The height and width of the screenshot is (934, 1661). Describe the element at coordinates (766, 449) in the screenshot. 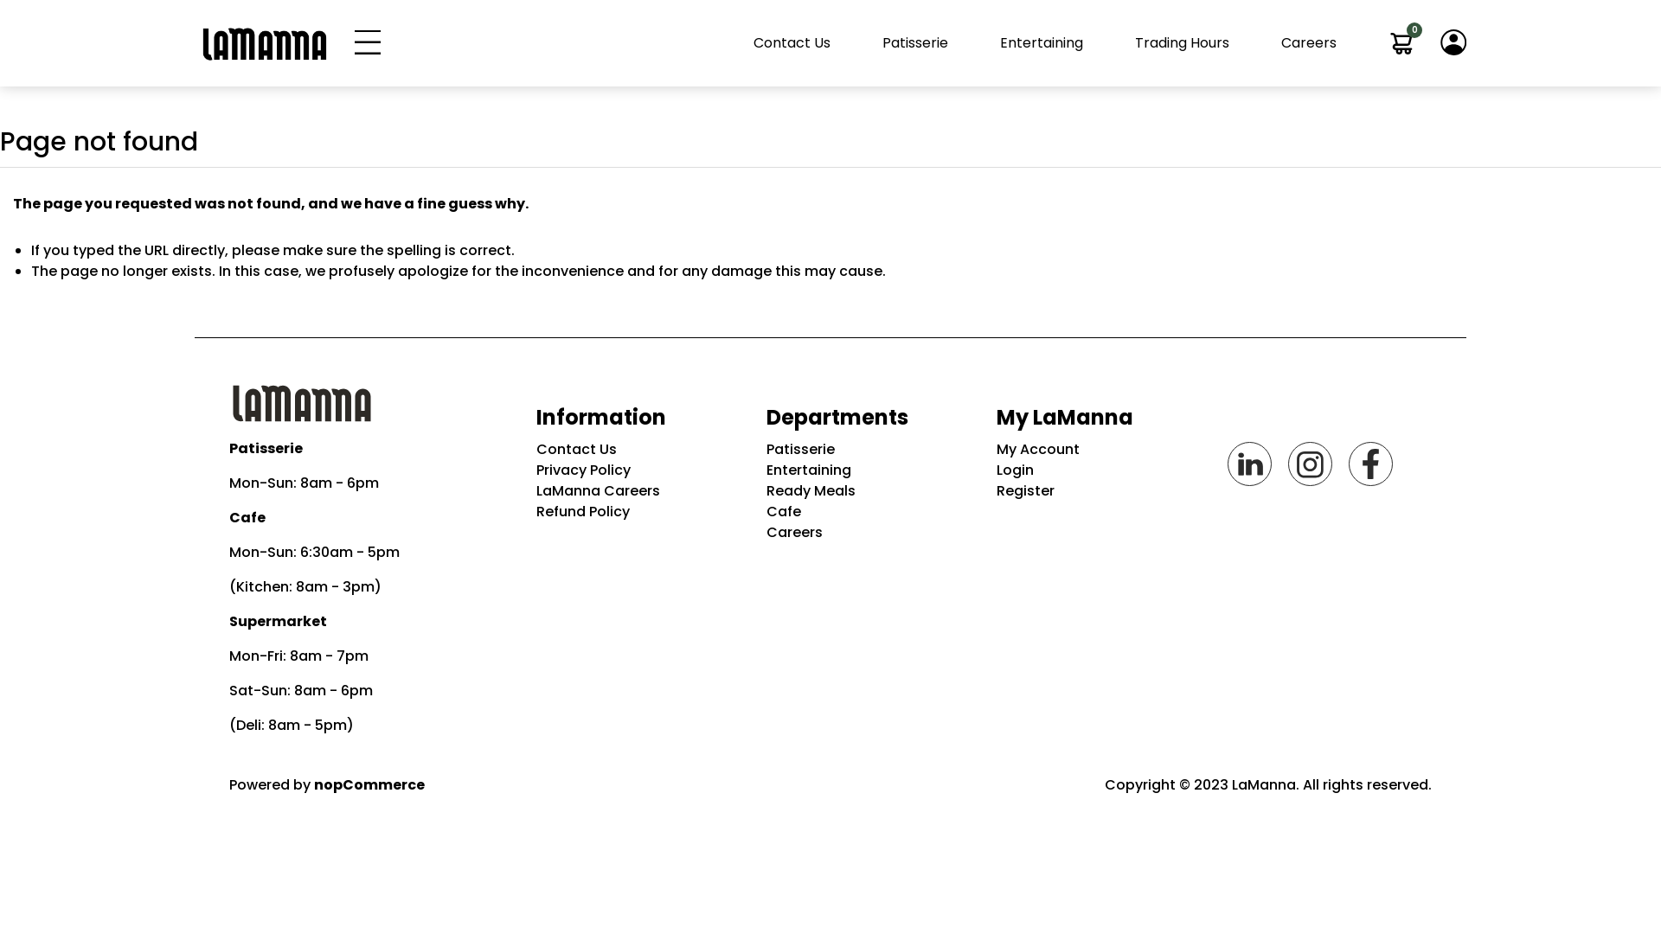

I see `'Patisserie'` at that location.